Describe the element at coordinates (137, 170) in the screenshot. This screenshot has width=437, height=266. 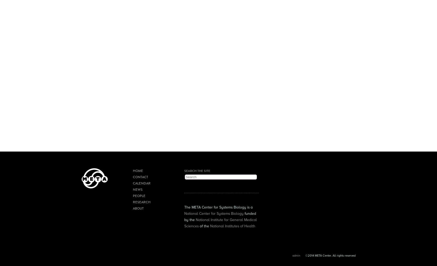
I see `'Home'` at that location.